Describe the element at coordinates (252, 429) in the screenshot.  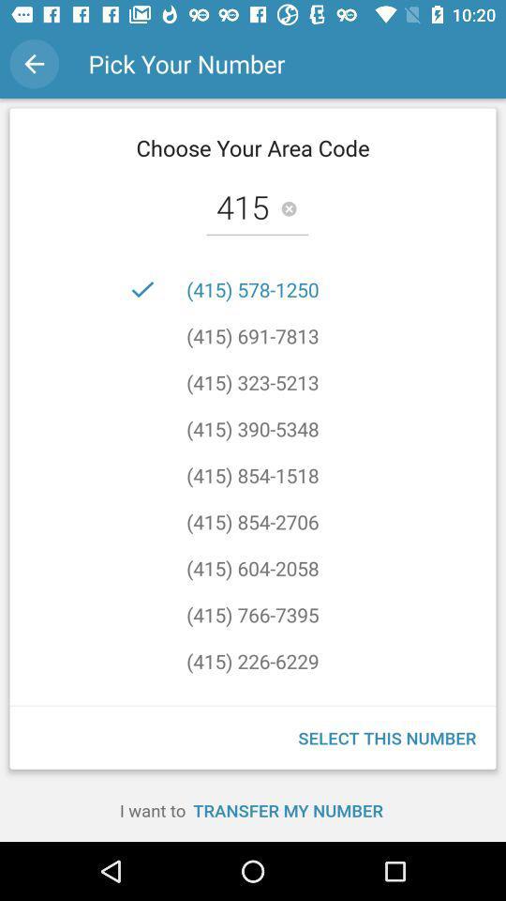
I see `item below (415) 323-5213` at that location.